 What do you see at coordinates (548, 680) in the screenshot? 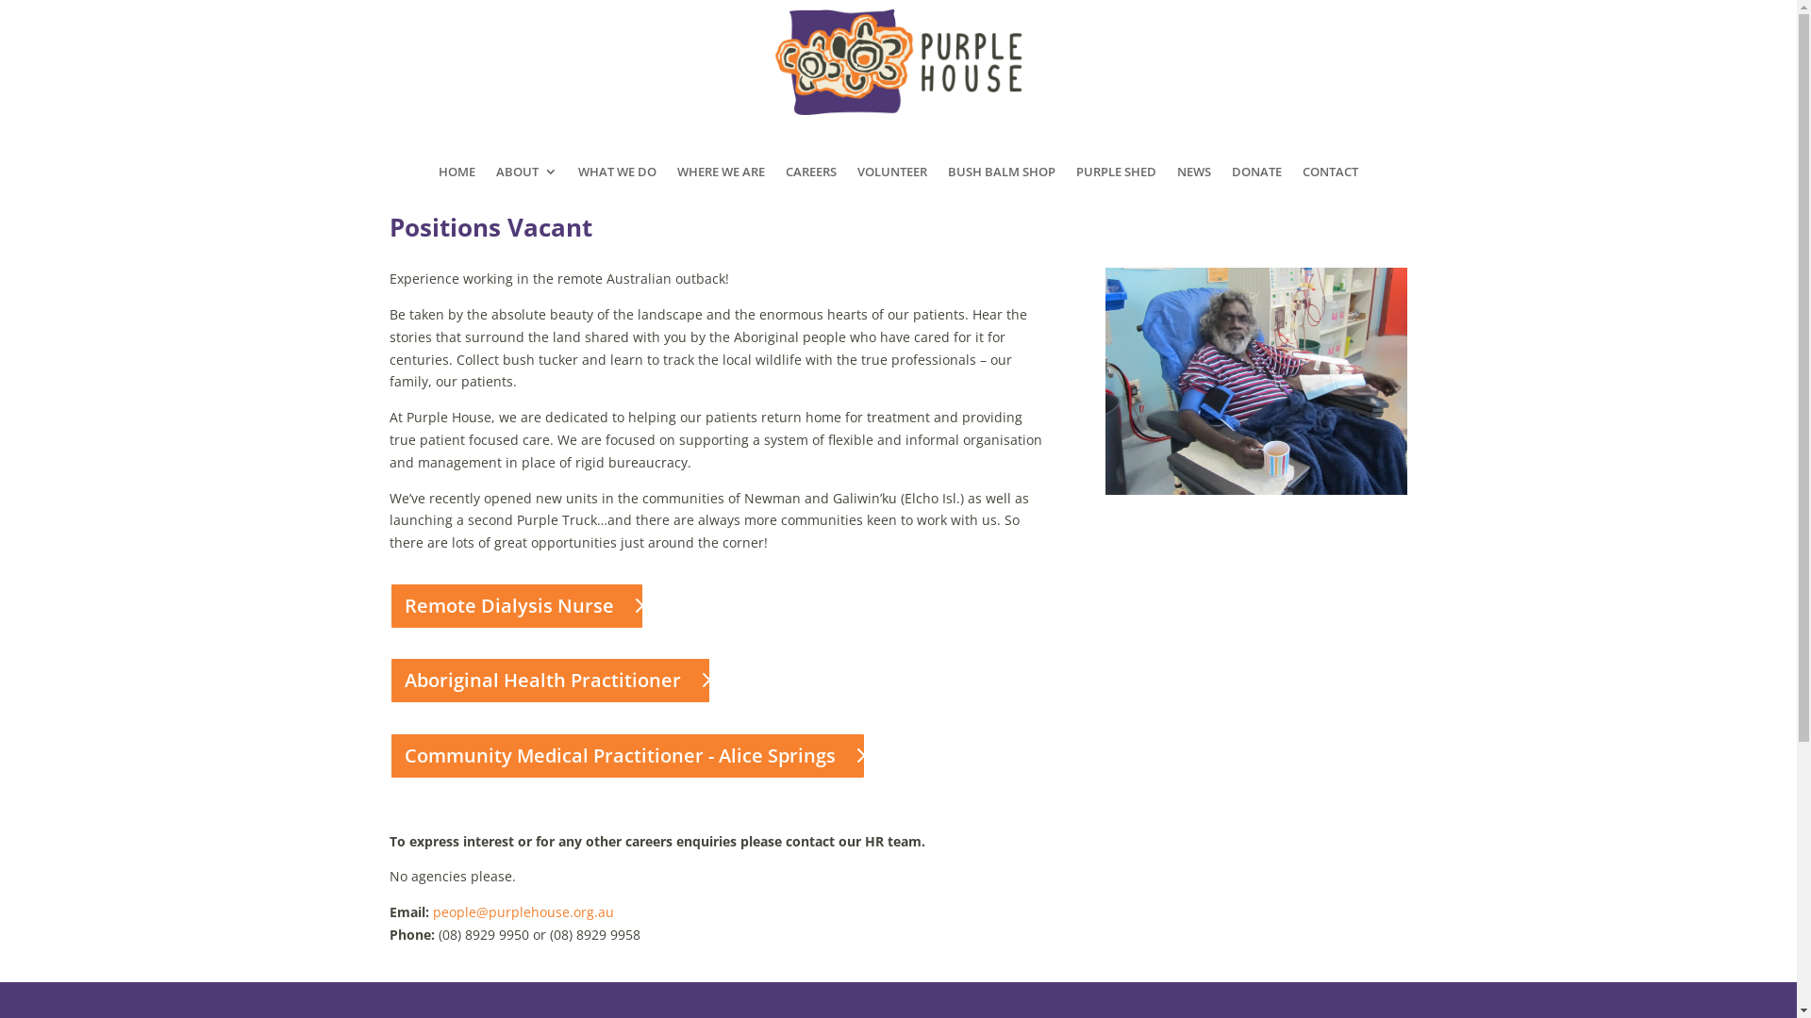
I see `'Aboriginal Health Practitioner'` at bounding box center [548, 680].